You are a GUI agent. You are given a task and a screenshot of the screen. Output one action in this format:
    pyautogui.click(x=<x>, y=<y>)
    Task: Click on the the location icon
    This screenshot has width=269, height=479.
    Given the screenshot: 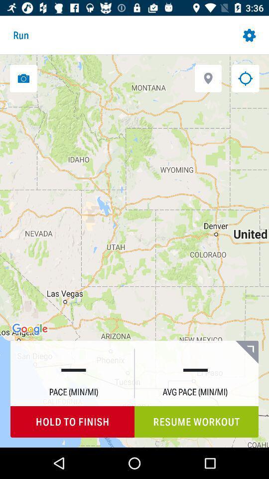 What is the action you would take?
    pyautogui.click(x=208, y=78)
    